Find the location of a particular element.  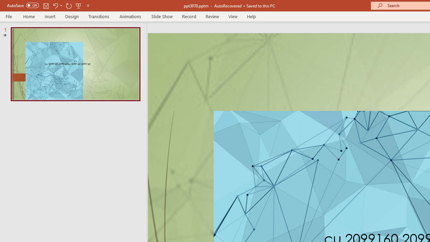

'Insert' is located at coordinates (50, 16).